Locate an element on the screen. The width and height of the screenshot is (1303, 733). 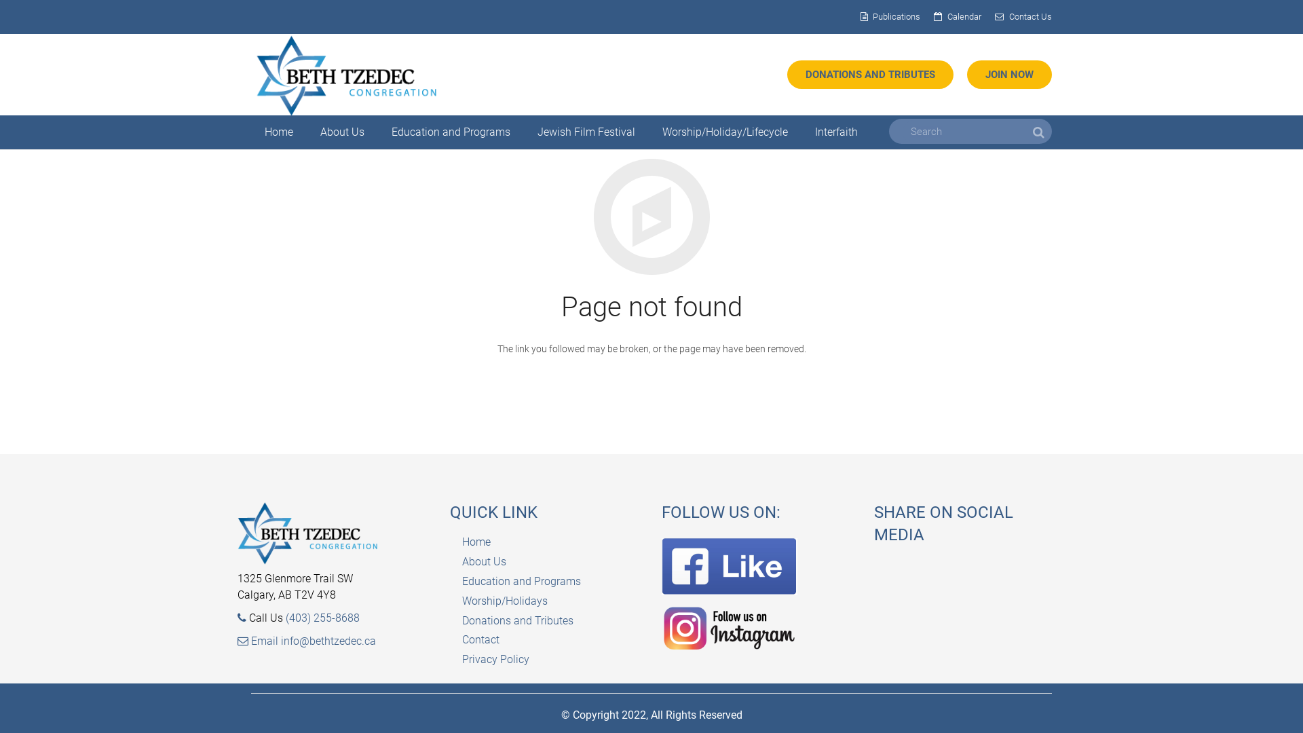
'Worship/Holiday/Lifecycle' is located at coordinates (647, 132).